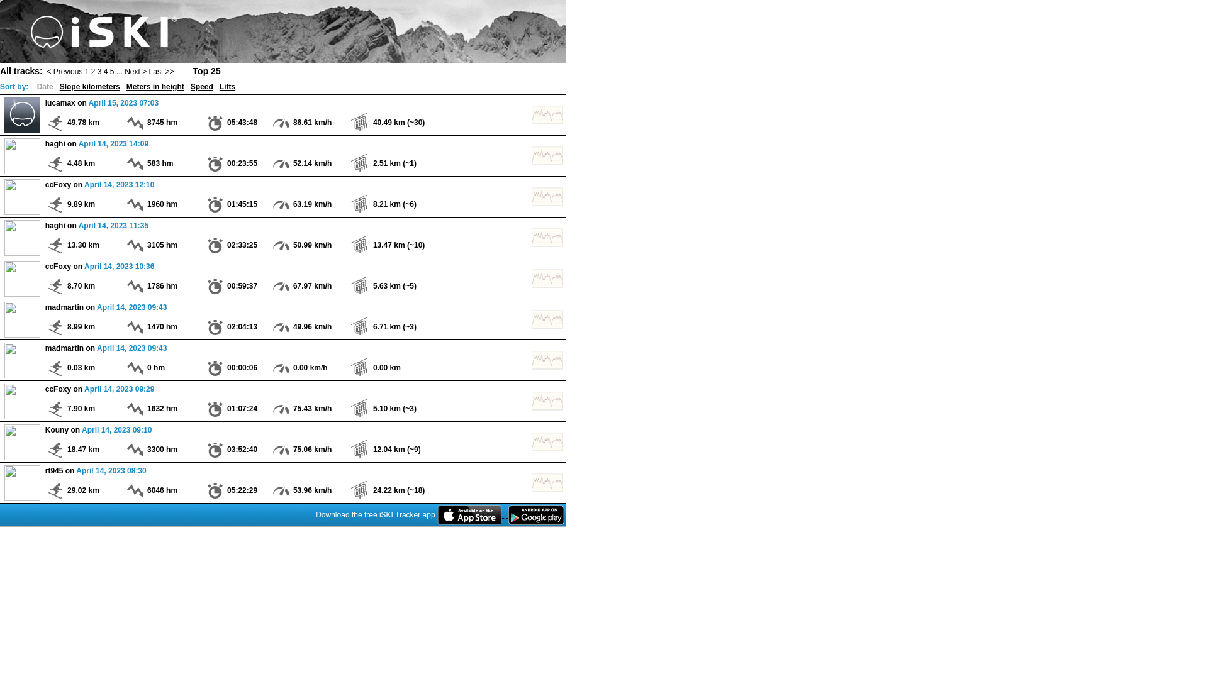 Image resolution: width=1208 pixels, height=679 pixels. I want to click on '3', so click(96, 70).